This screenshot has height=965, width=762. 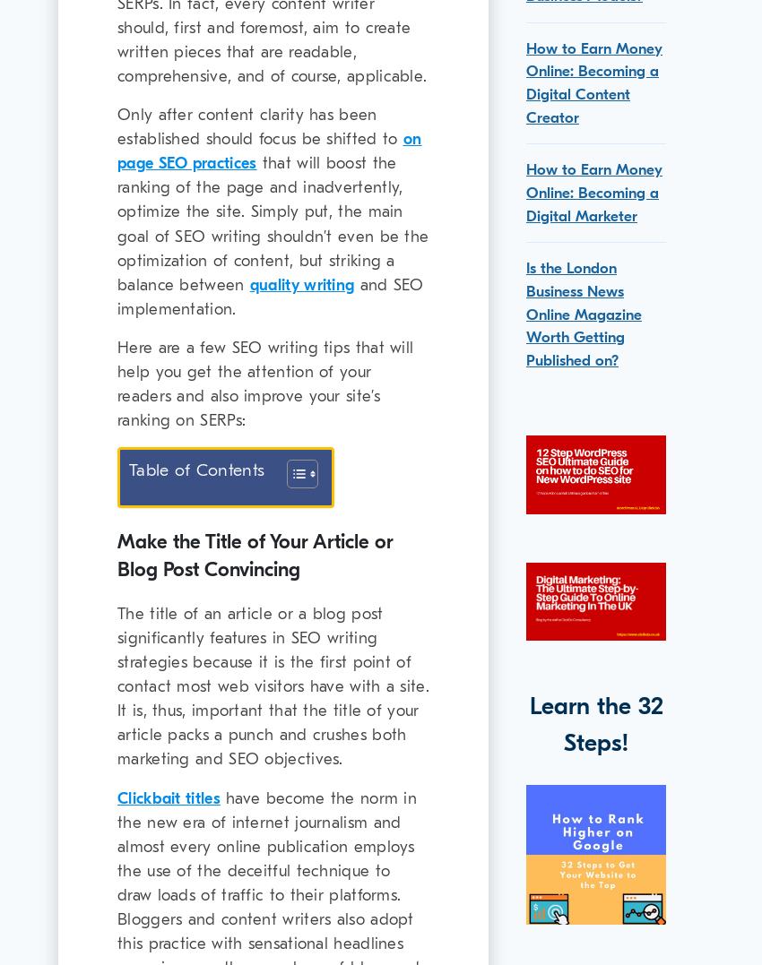 What do you see at coordinates (273, 222) in the screenshot?
I see `'that will boost the ranking of the page and inadvertently, optimize the site. Simply put, the main goal of SEO writing shouldn’t even be the optimization of content, but striking a balance between'` at bounding box center [273, 222].